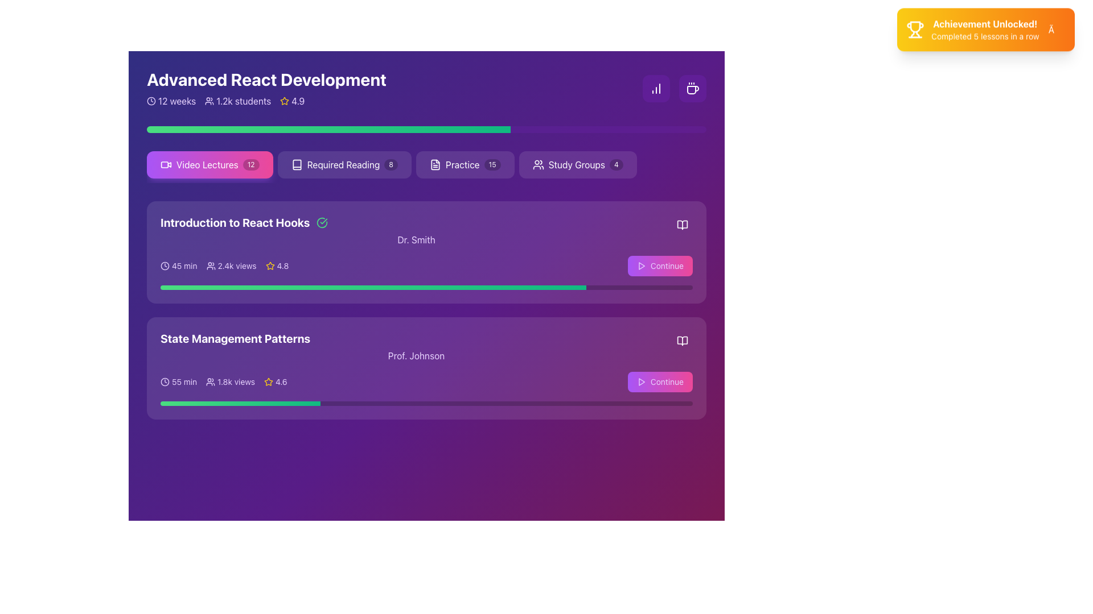 This screenshot has height=614, width=1093. I want to click on the 'Video Lectures' button, which is a rectangular button with a gradient background from purple to pink, featuring a white video camera icon on the left and the text 'Video Lectures' in bold white font in the center, so click(209, 164).